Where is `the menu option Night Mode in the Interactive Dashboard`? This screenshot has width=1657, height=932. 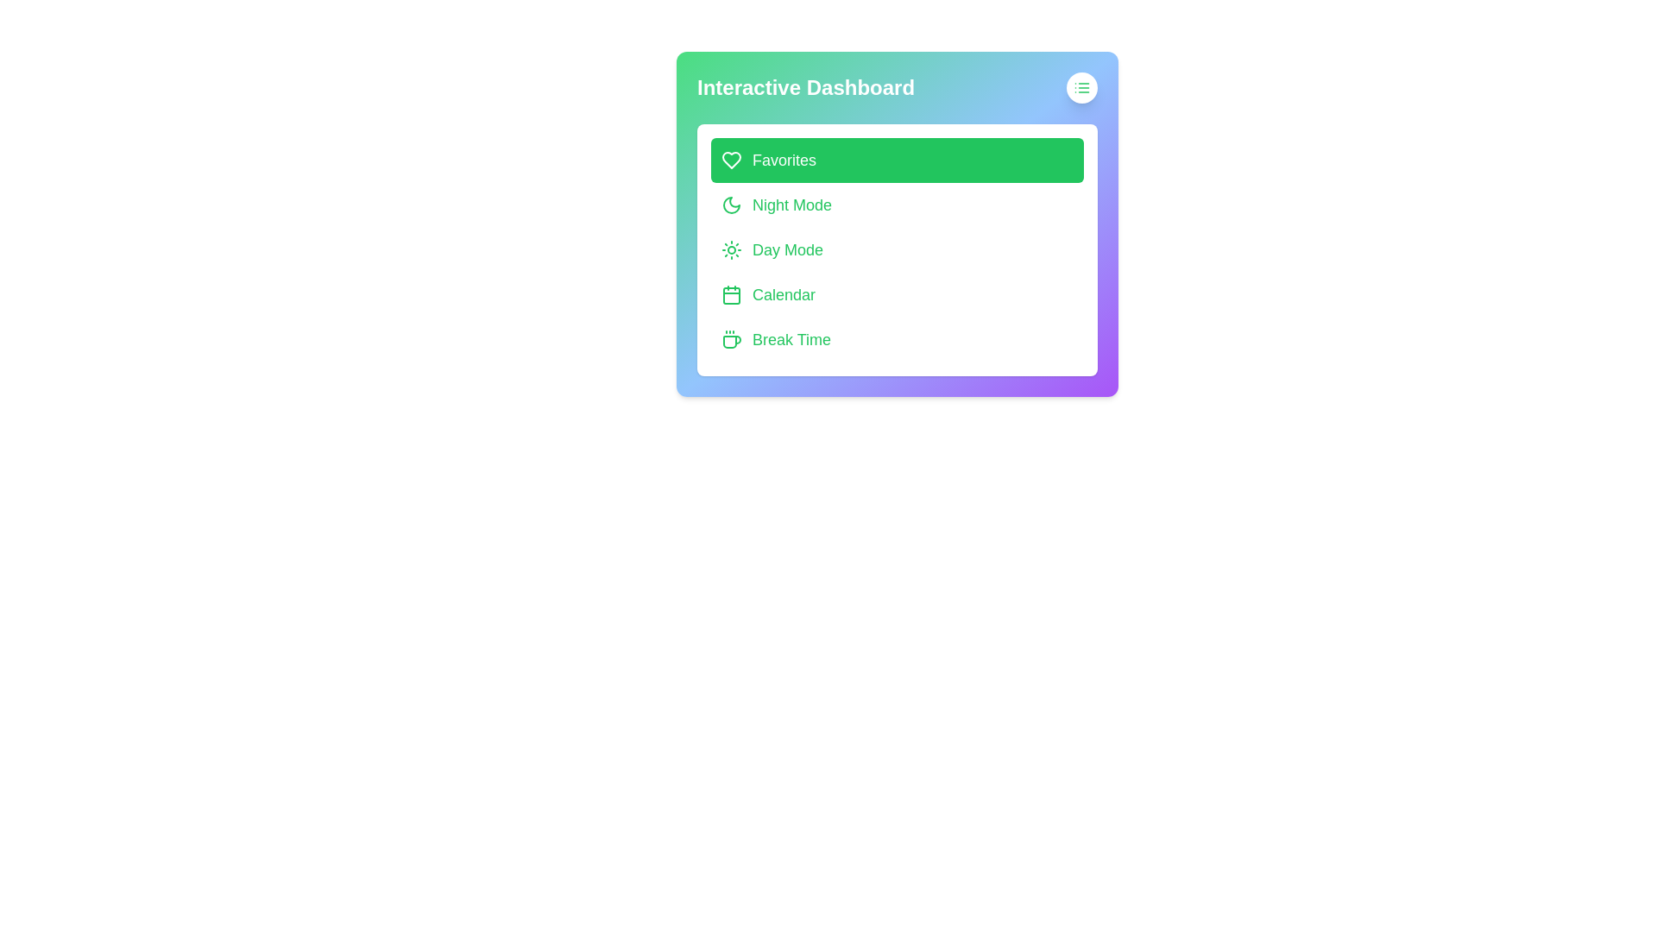
the menu option Night Mode in the Interactive Dashboard is located at coordinates (898, 205).